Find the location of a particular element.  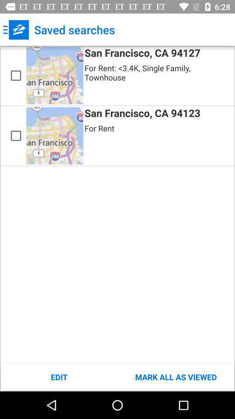

the item at the bottom right corner is located at coordinates (176, 377).